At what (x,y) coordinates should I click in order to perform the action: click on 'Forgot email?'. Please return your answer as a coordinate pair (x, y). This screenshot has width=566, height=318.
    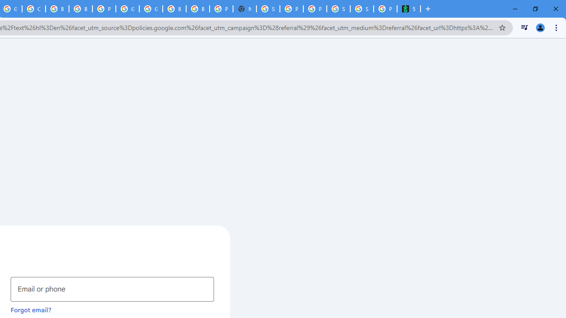
    Looking at the image, I should click on (31, 309).